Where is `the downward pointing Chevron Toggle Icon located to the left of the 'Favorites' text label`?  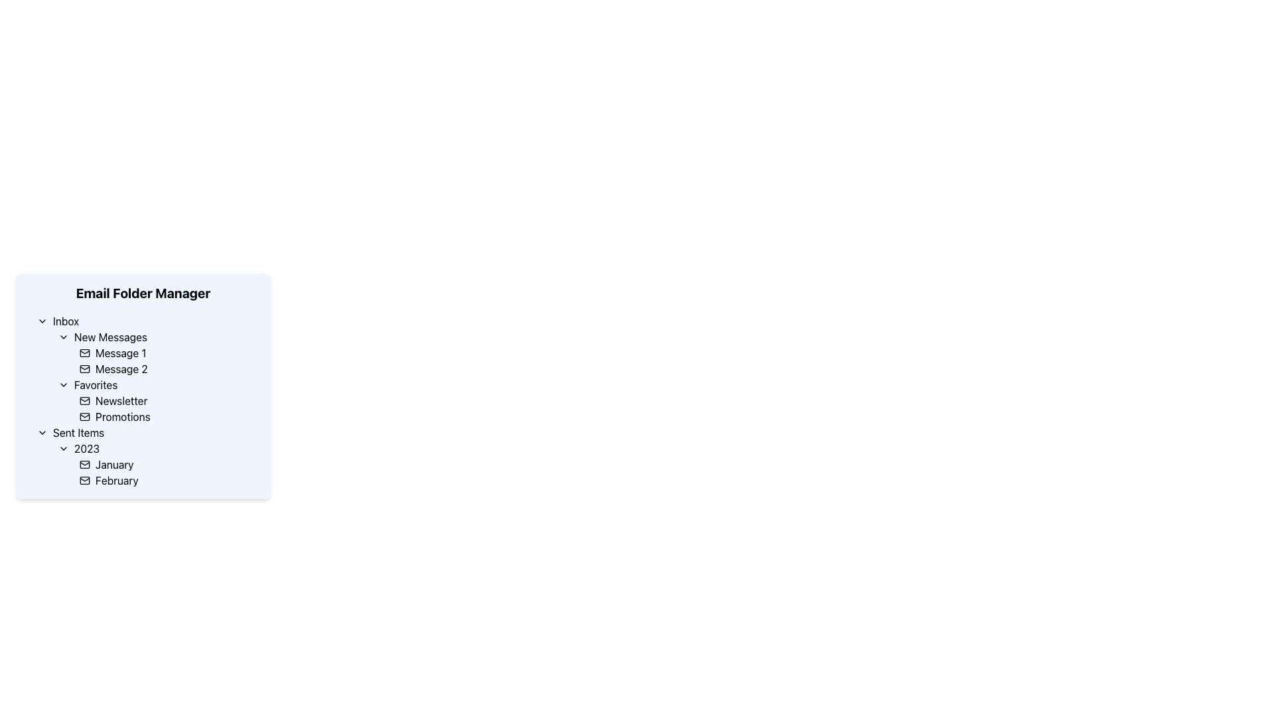
the downward pointing Chevron Toggle Icon located to the left of the 'Favorites' text label is located at coordinates (63, 384).